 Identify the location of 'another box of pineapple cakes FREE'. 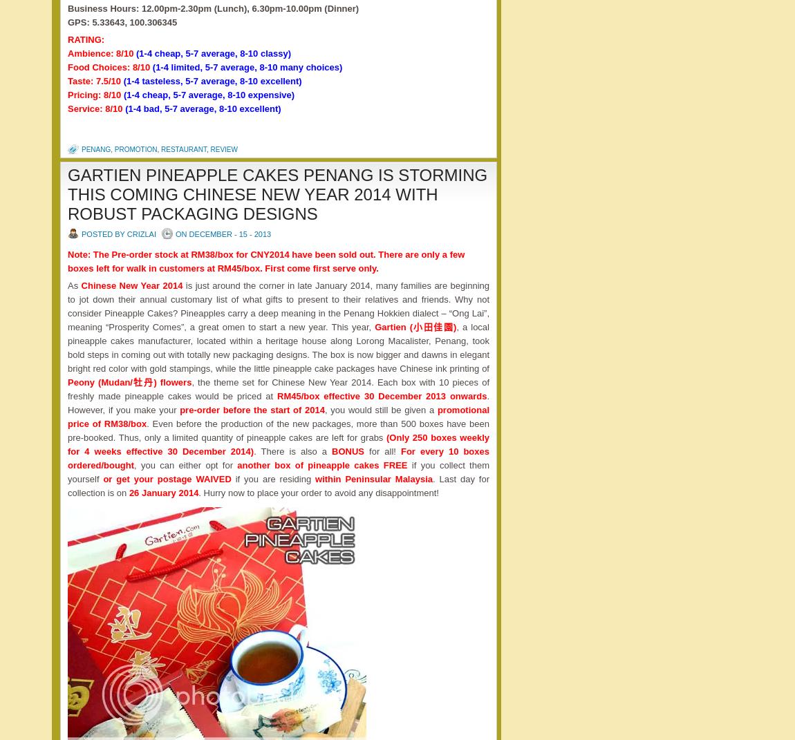
(321, 464).